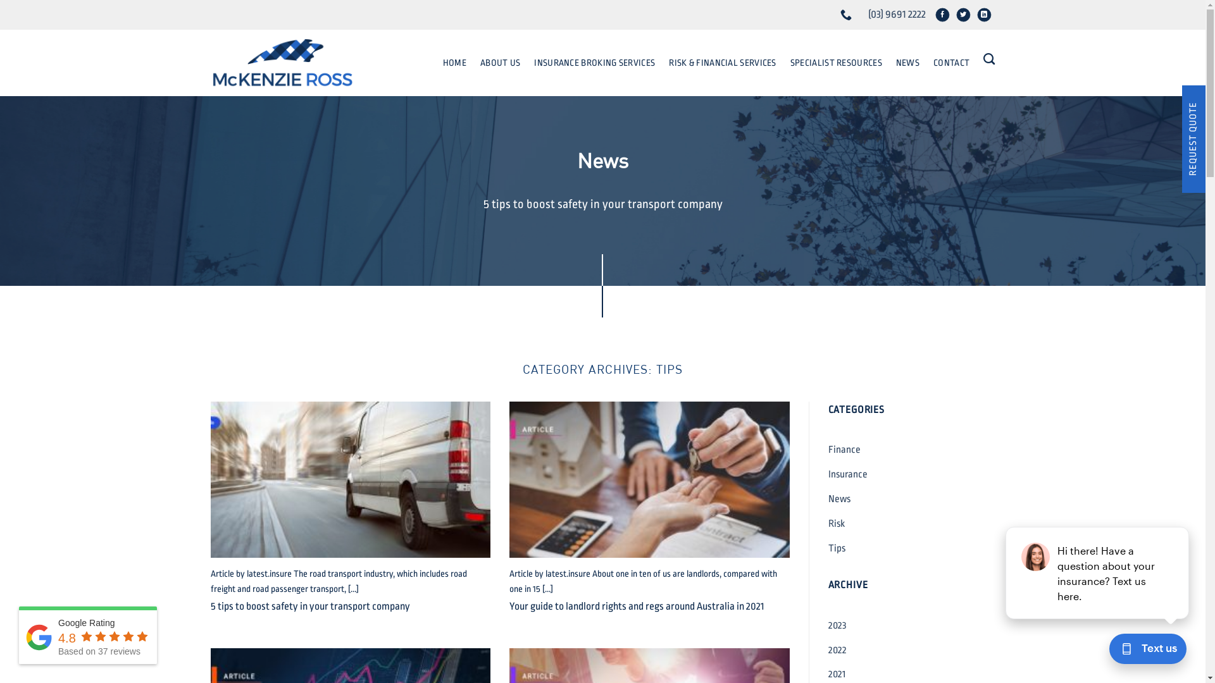 This screenshot has width=1215, height=683. What do you see at coordinates (828, 449) in the screenshot?
I see `'Finance'` at bounding box center [828, 449].